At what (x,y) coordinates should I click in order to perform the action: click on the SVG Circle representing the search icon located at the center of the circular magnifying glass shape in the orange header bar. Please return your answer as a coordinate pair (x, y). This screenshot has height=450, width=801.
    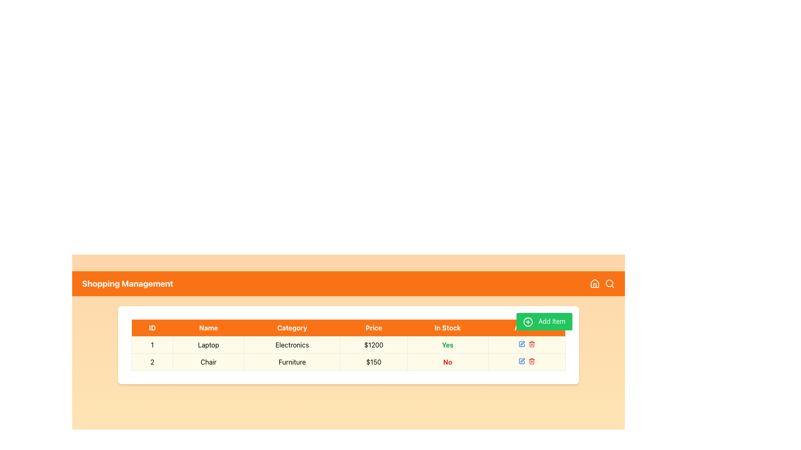
    Looking at the image, I should click on (609, 282).